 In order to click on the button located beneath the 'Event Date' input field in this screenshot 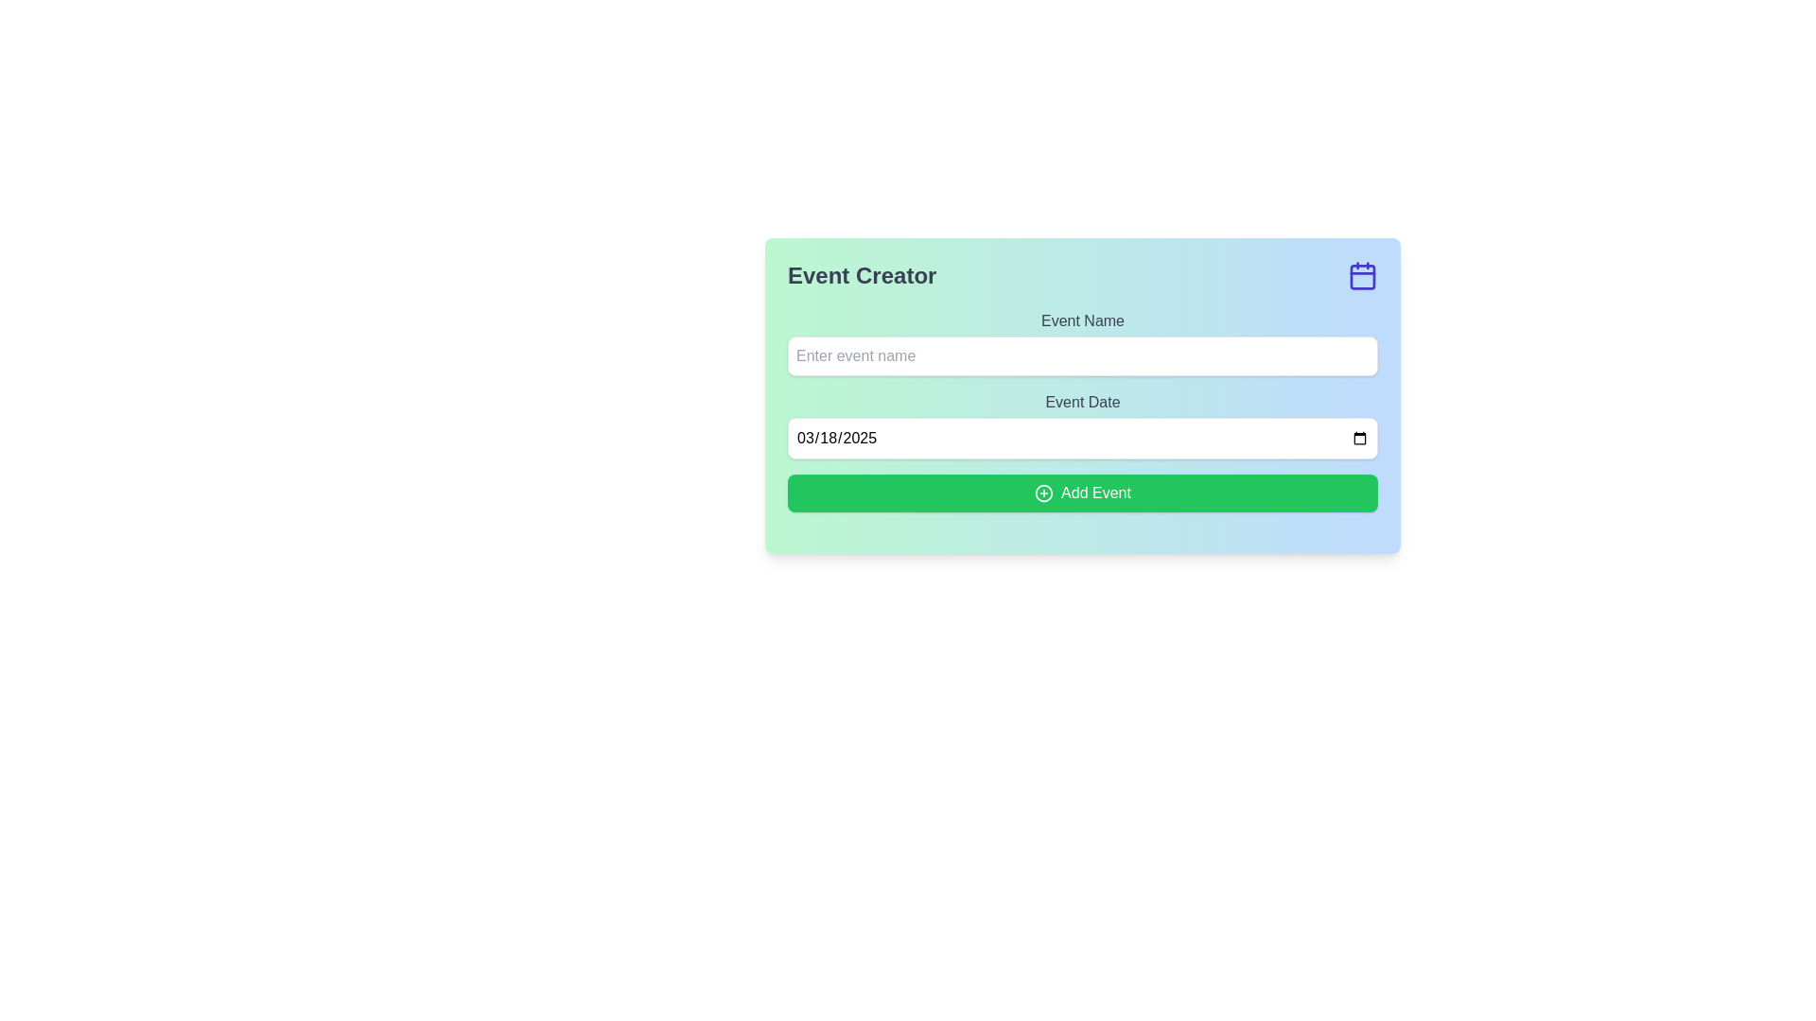, I will do `click(1083, 492)`.